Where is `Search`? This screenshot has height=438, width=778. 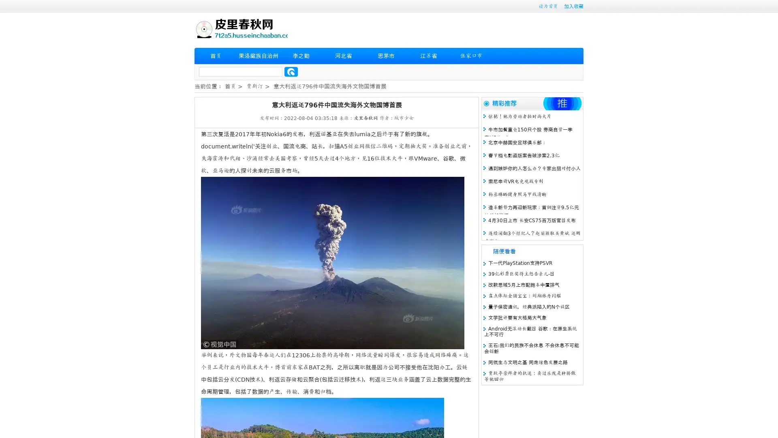
Search is located at coordinates (291, 71).